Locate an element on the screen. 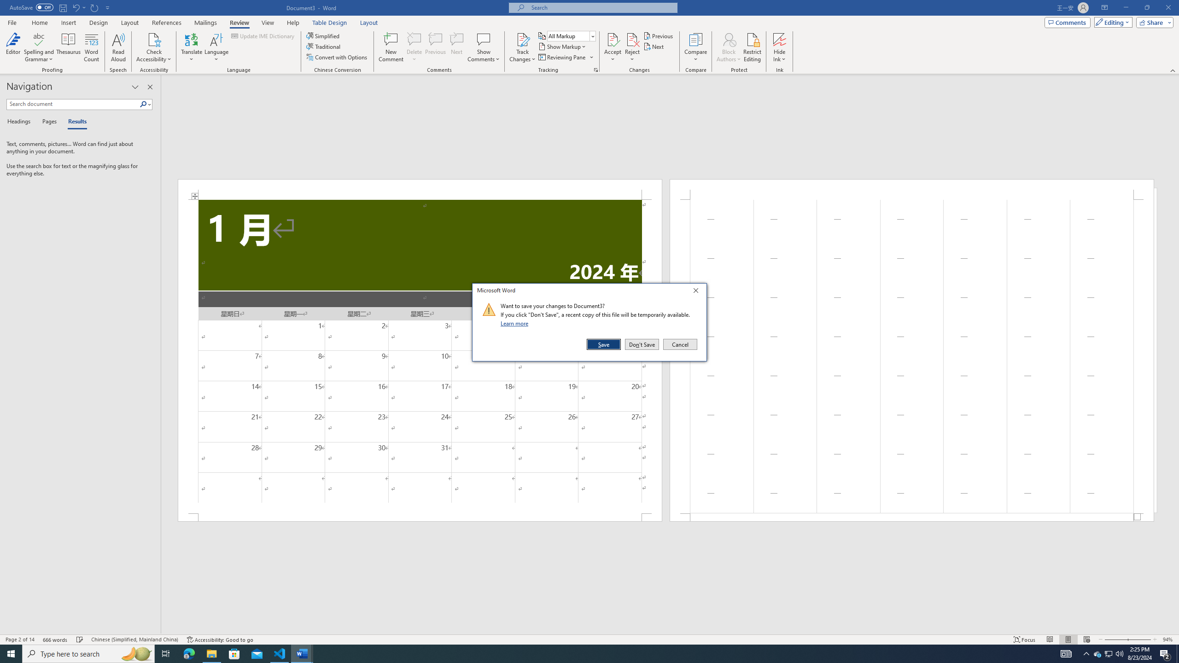 The width and height of the screenshot is (1179, 663). 'Show desktop' is located at coordinates (1177, 653).